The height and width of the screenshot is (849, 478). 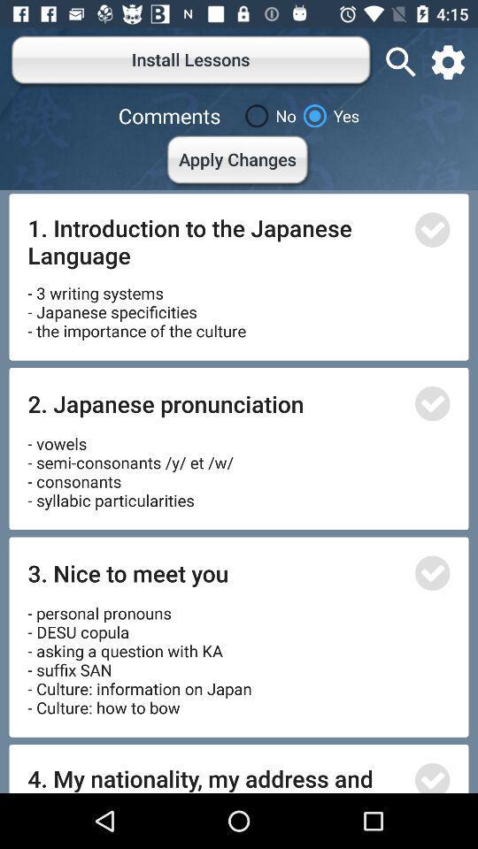 I want to click on the icon above the 3 writing systems item, so click(x=215, y=241).